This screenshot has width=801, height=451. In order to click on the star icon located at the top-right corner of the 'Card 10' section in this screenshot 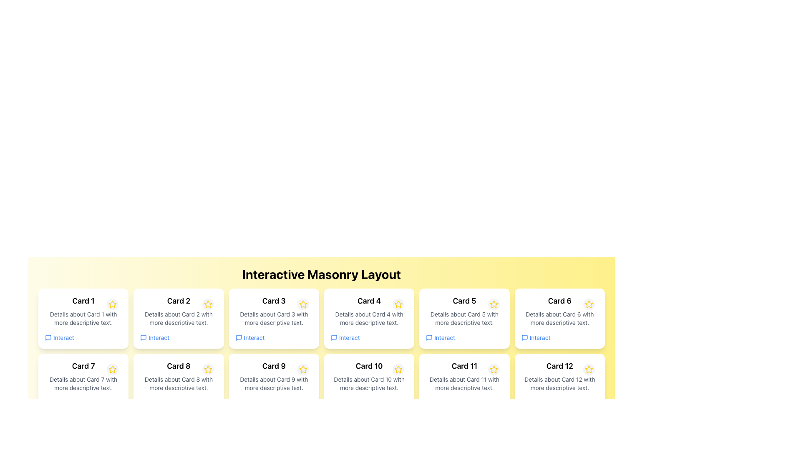, I will do `click(398, 369)`.